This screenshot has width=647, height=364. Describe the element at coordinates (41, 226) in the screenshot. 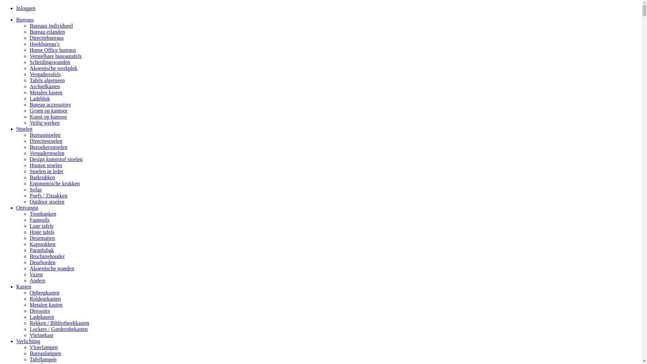

I see `'Lage tafels'` at that location.